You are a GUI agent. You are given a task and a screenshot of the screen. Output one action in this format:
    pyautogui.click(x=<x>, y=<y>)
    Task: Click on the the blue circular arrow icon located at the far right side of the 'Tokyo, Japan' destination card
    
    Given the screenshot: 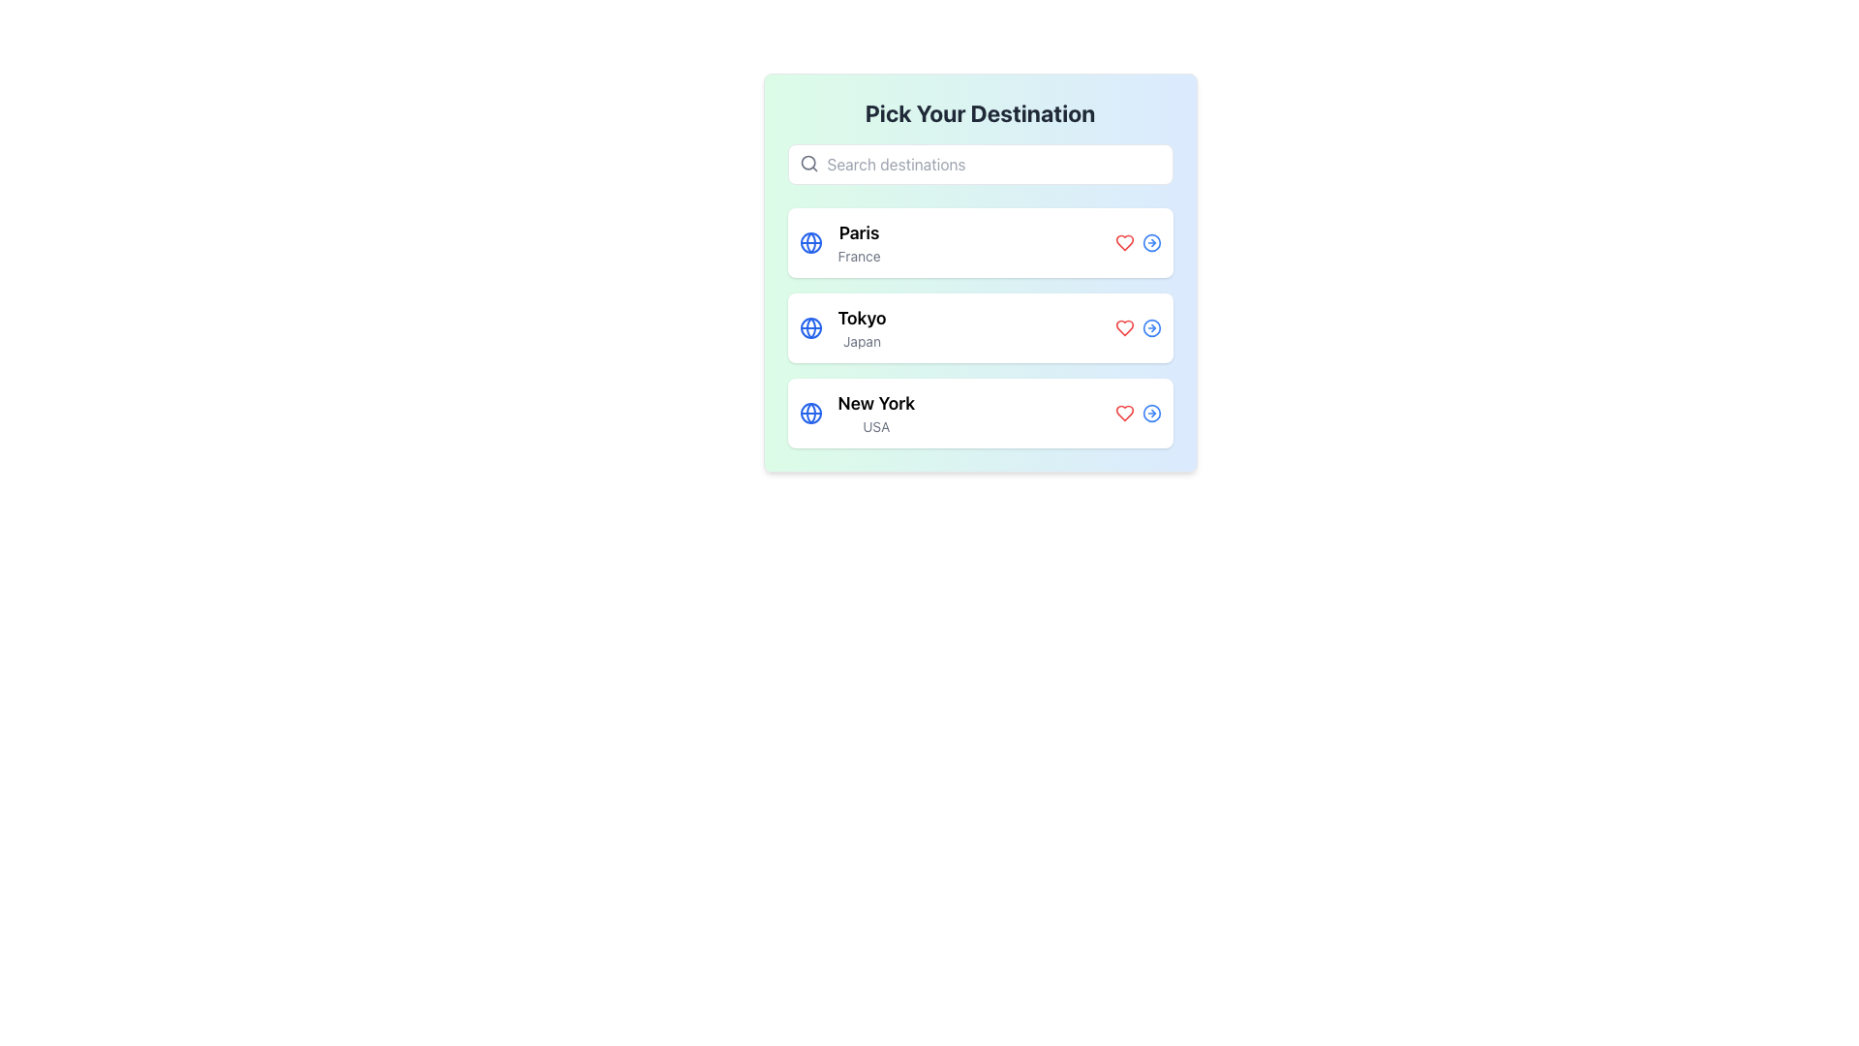 What is the action you would take?
    pyautogui.click(x=1138, y=327)
    